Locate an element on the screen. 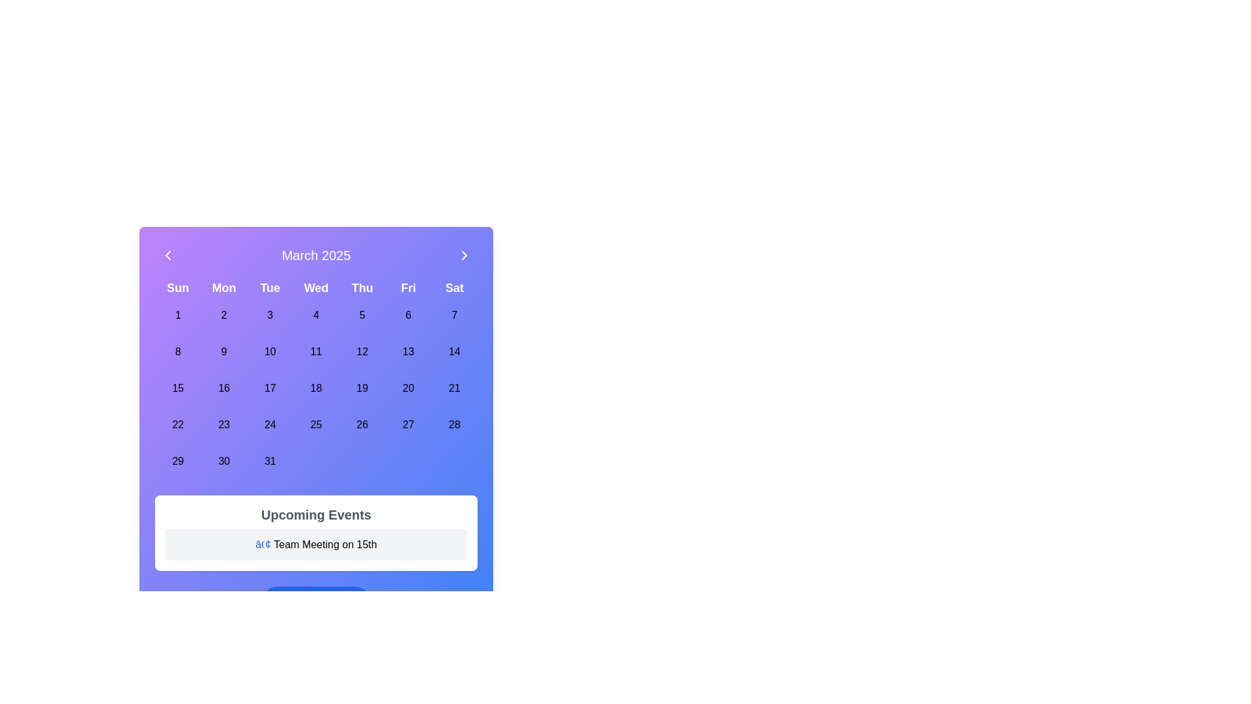  the chevron icon pointing to the right located to the right of the 'March 2025' label in the calendar interface to proceed to the next month is located at coordinates (465, 256).